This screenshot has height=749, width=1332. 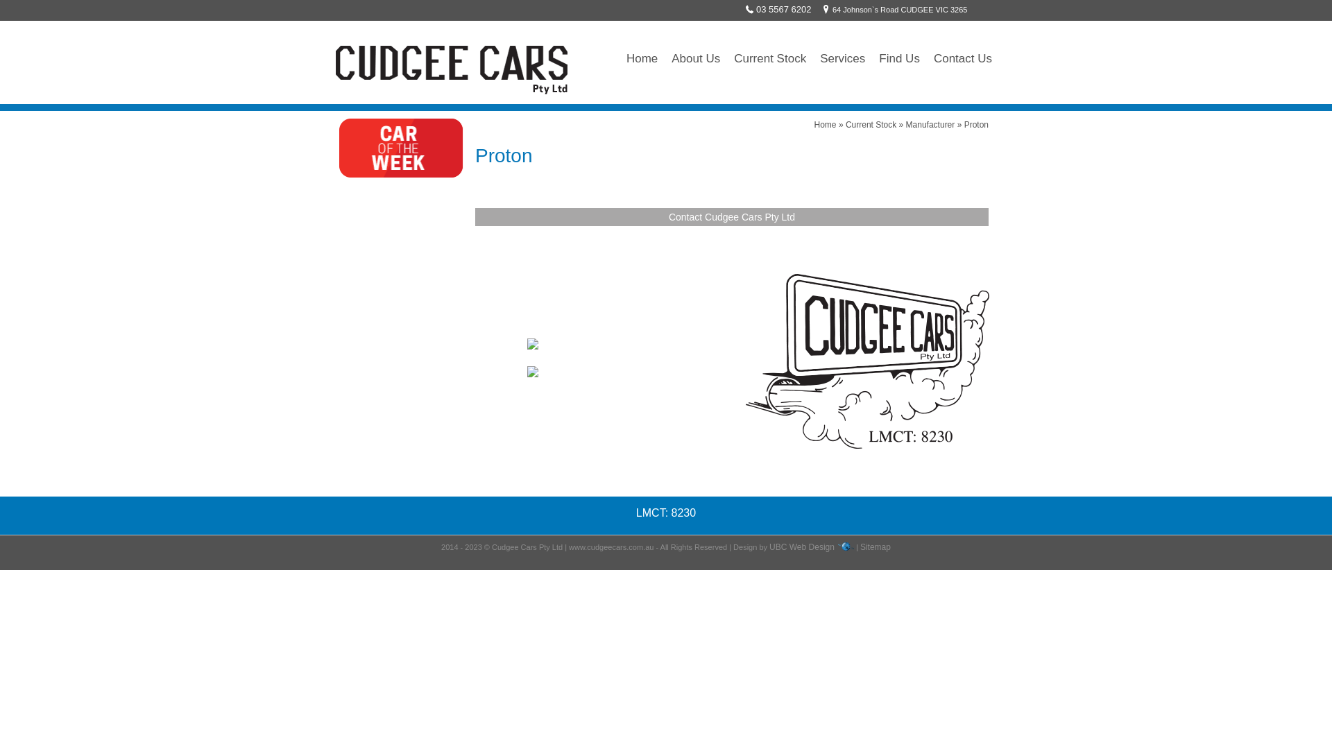 What do you see at coordinates (696, 58) in the screenshot?
I see `'About Us'` at bounding box center [696, 58].